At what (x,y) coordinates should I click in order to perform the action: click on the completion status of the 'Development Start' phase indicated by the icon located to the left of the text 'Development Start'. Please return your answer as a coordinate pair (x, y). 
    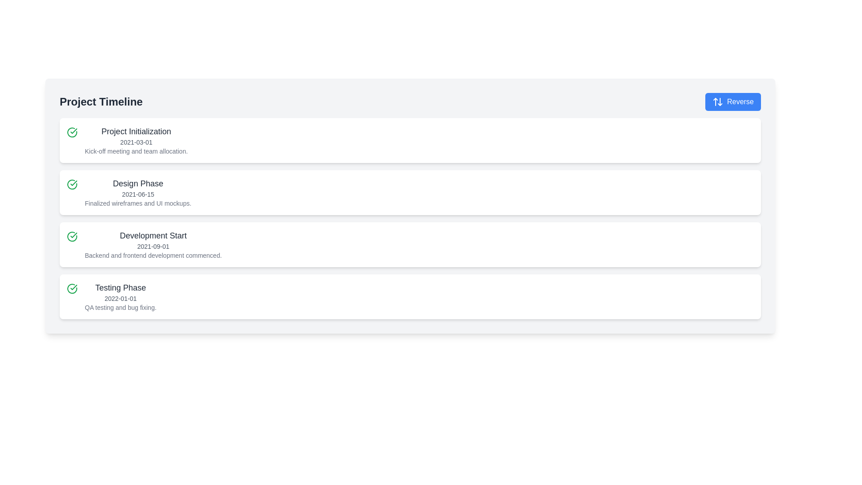
    Looking at the image, I should click on (72, 236).